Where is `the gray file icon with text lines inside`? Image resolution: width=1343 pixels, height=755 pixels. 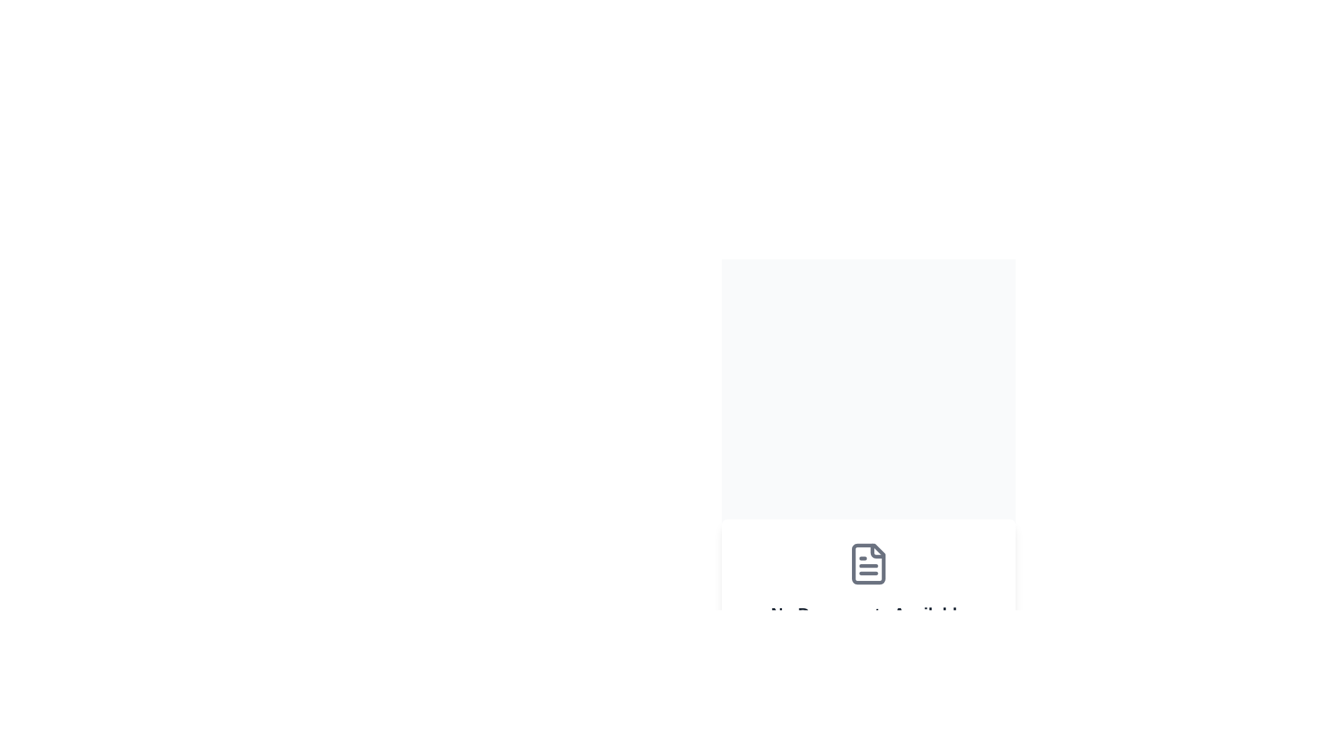 the gray file icon with text lines inside is located at coordinates (868, 563).